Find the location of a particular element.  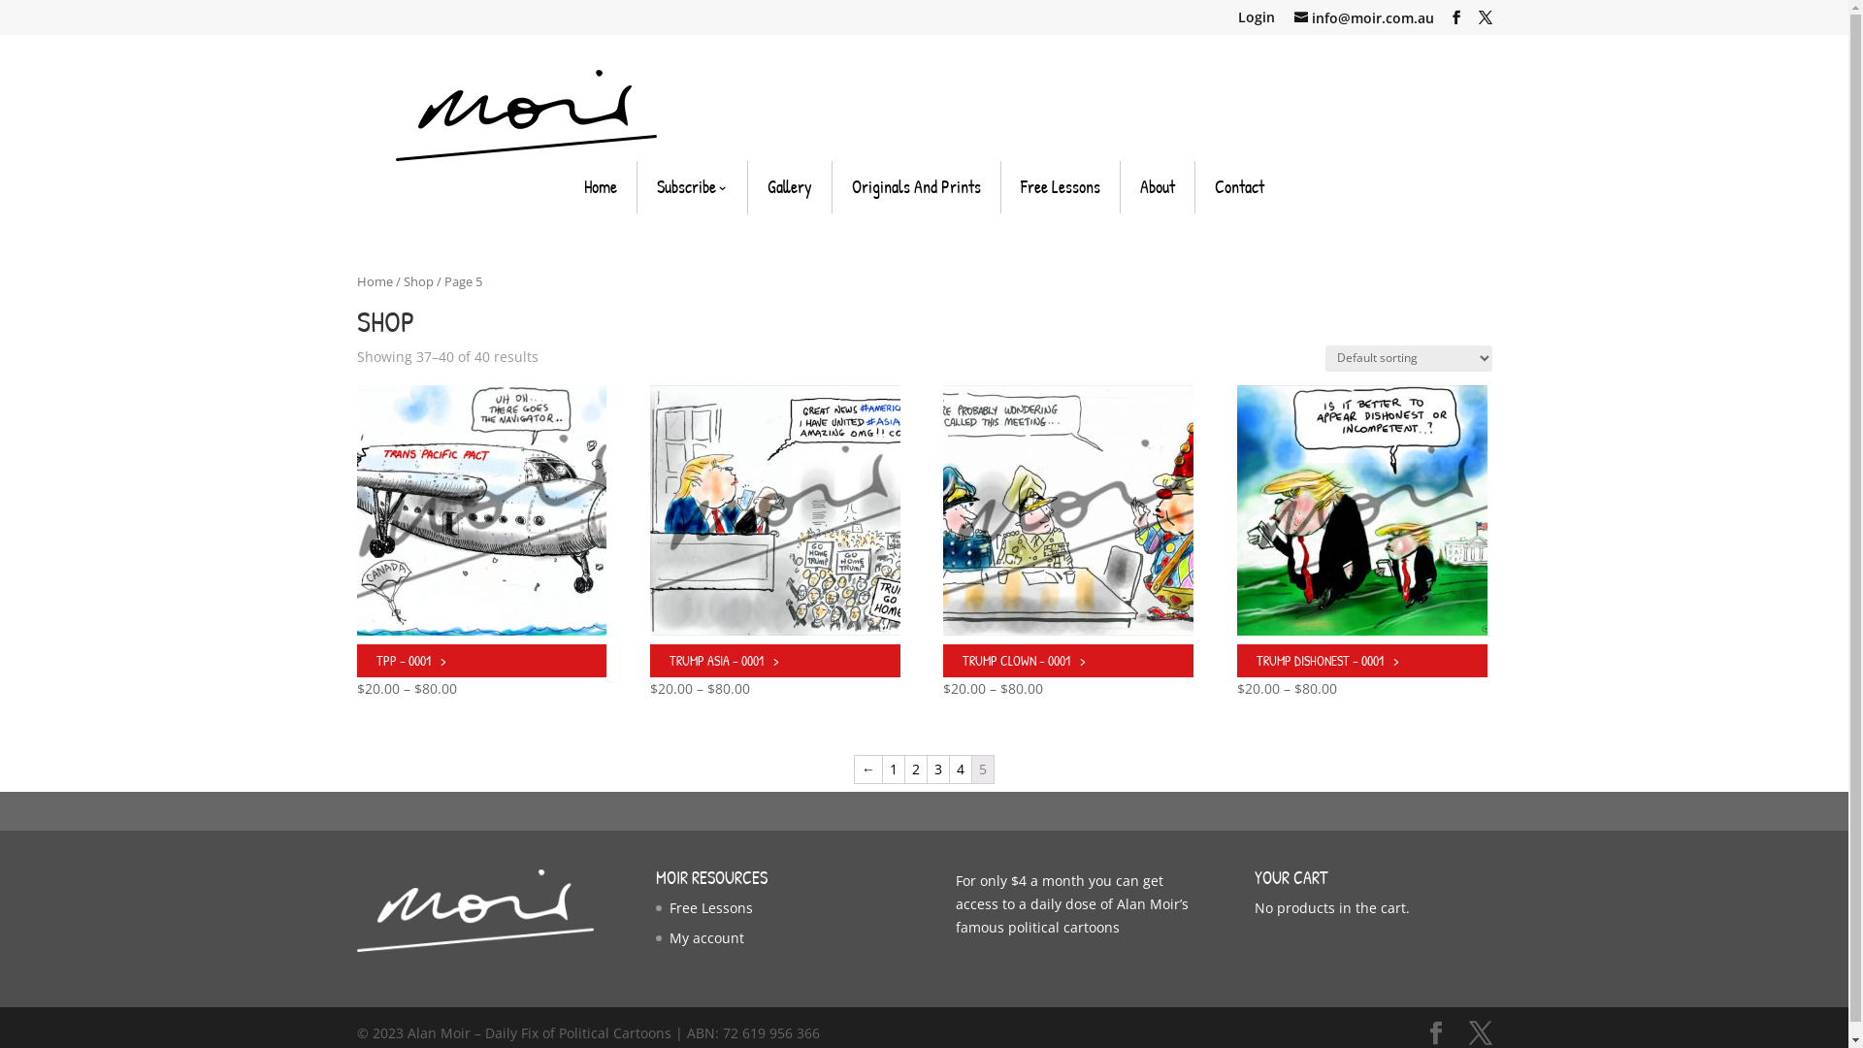

'About' is located at coordinates (1158, 186).